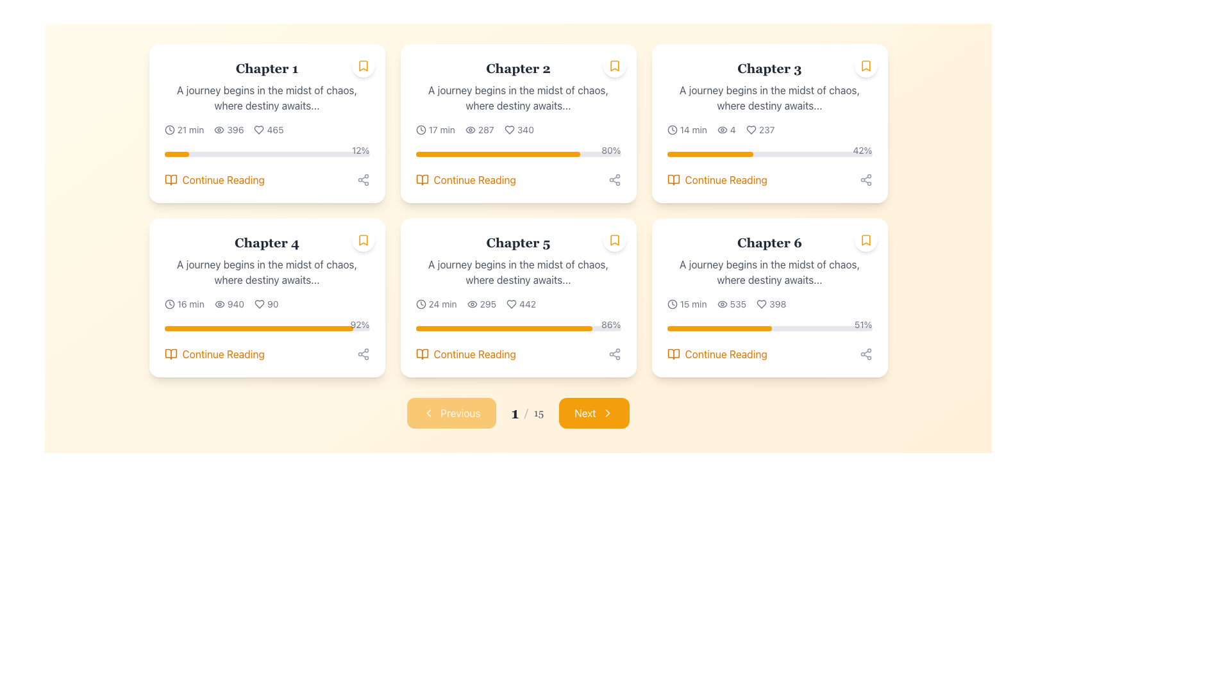 Image resolution: width=1231 pixels, height=692 pixels. Describe the element at coordinates (866, 180) in the screenshot. I see `the gray circular icon button with three nodes connected by lines at the bottom right corner of the 'Chapter 3' card` at that location.